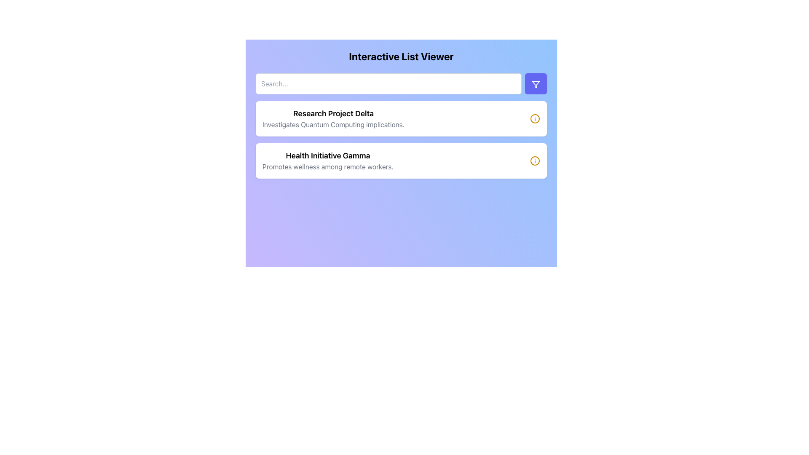 The image size is (809, 455). Describe the element at coordinates (327, 167) in the screenshot. I see `the static text element displaying 'Promotes wellness among remote workers.' located below the title 'Health Initiative Gamma.'` at that location.